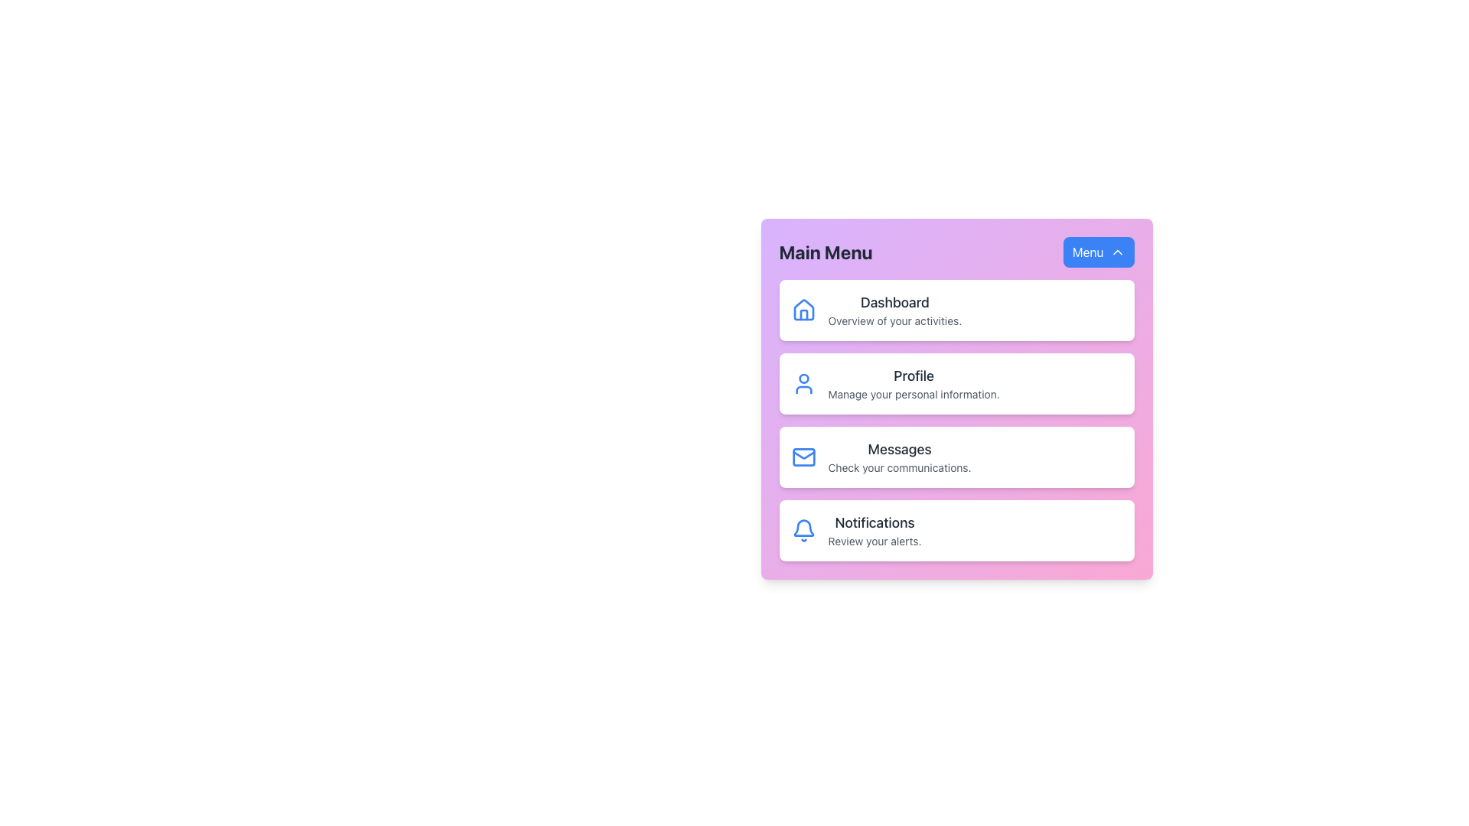  What do you see at coordinates (956, 382) in the screenshot?
I see `the 'Profile' menu item card, which is the second card in the vertically-stacked menu, featuring a user icon on the left and the title 'Profile' in bold` at bounding box center [956, 382].